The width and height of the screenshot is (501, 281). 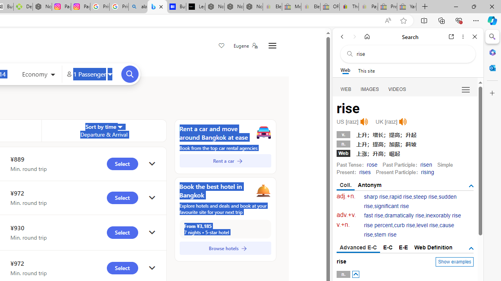 What do you see at coordinates (403, 122) in the screenshot?
I see `'Click to listen'` at bounding box center [403, 122].